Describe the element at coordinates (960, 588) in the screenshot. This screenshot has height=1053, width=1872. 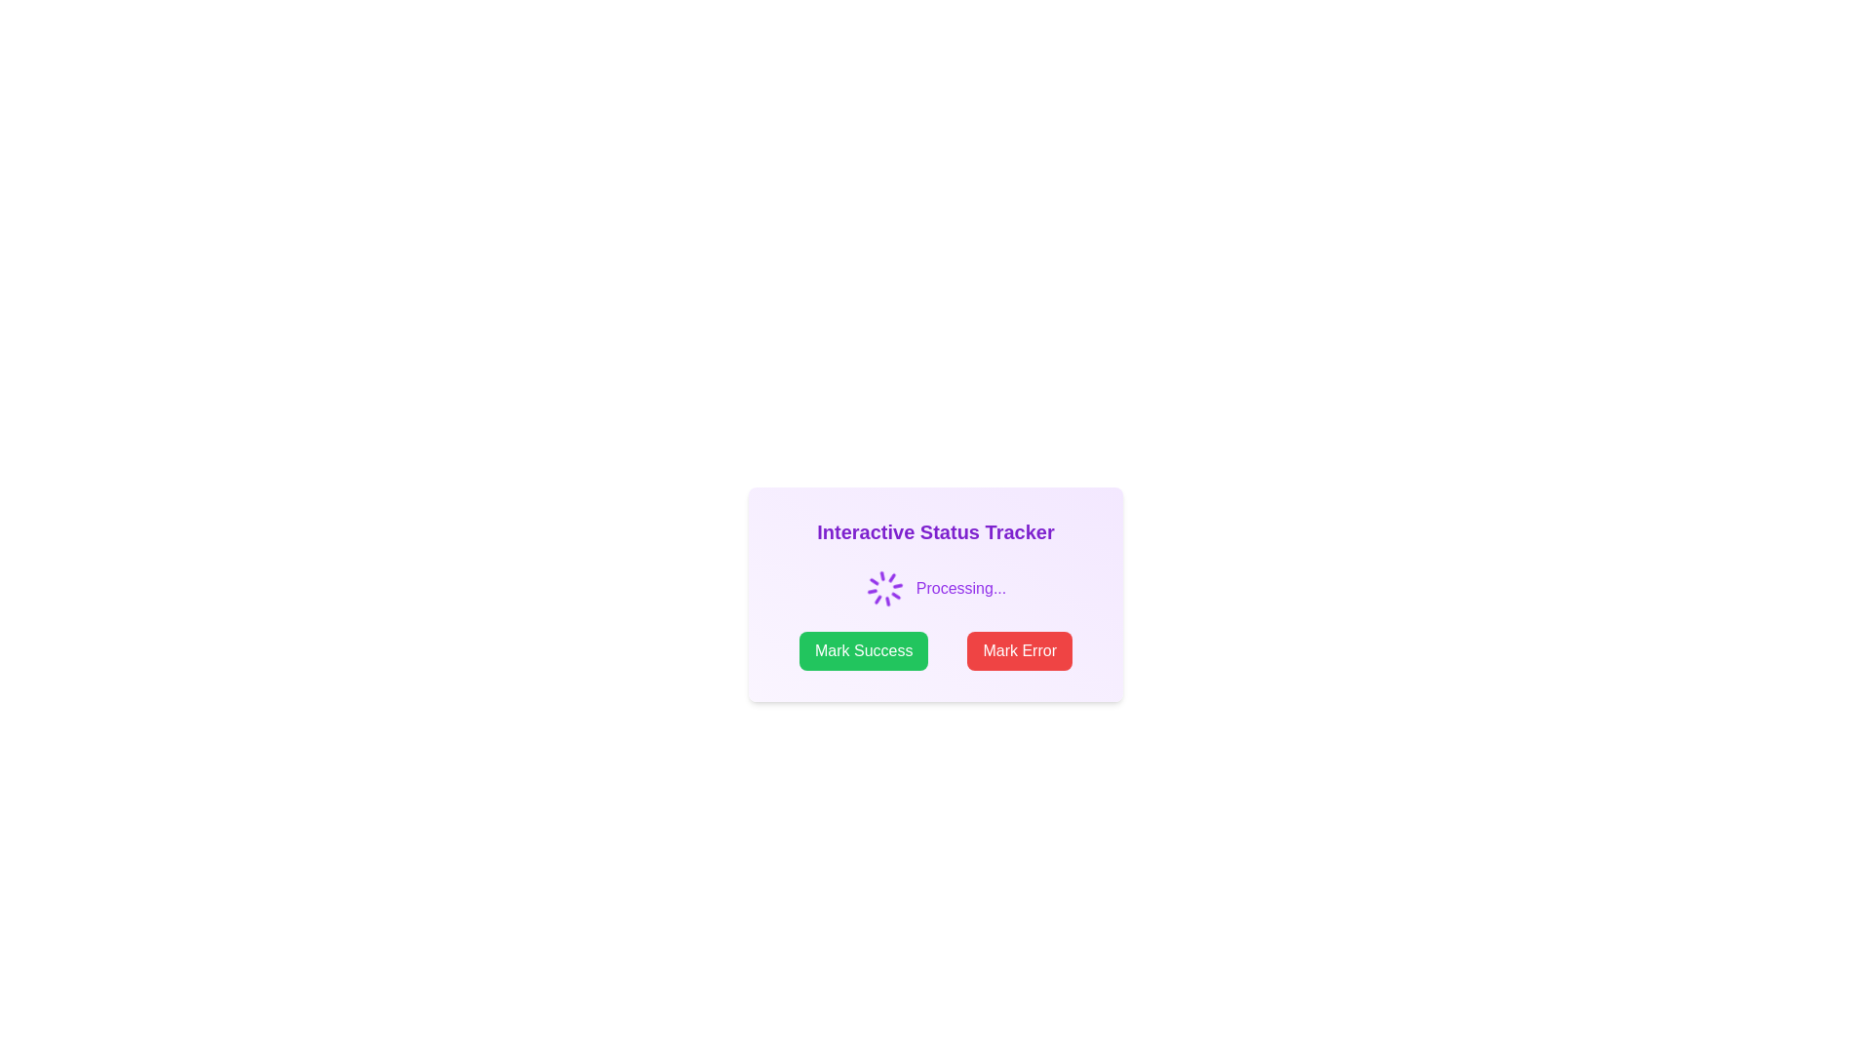
I see `the static text label displaying 'Processing...' which is styled in purple and positioned to the right of a spinner icon within a purple-themed card layout` at that location.